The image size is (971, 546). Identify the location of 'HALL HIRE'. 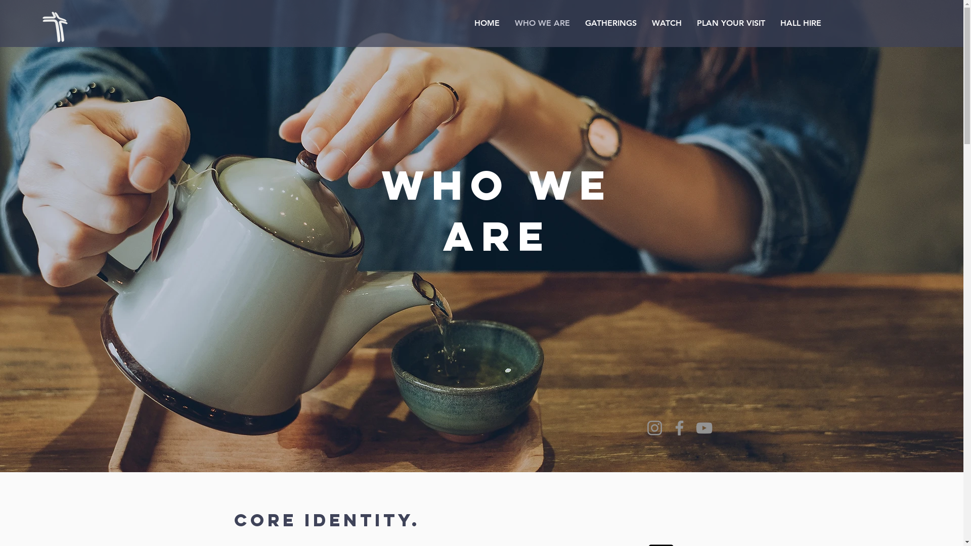
(800, 23).